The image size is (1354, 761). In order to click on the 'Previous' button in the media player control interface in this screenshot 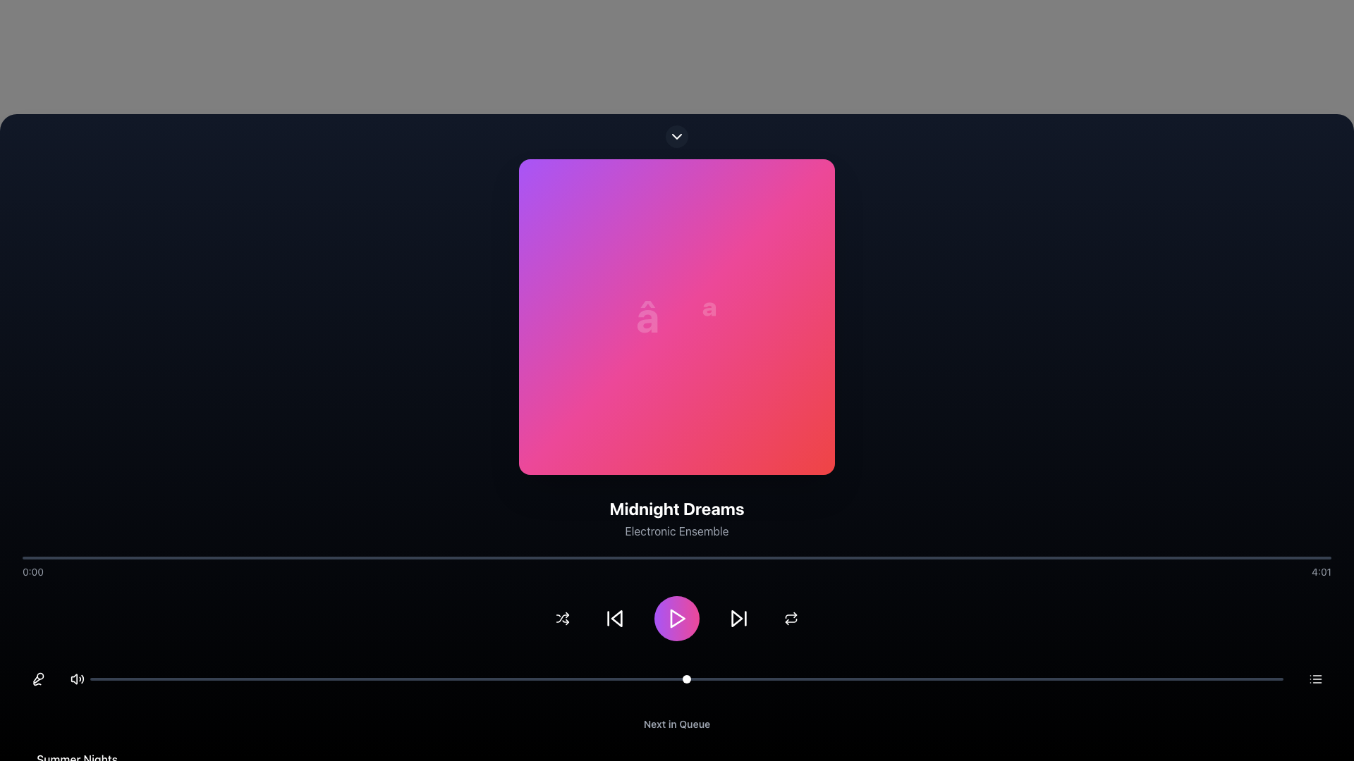, I will do `click(616, 618)`.